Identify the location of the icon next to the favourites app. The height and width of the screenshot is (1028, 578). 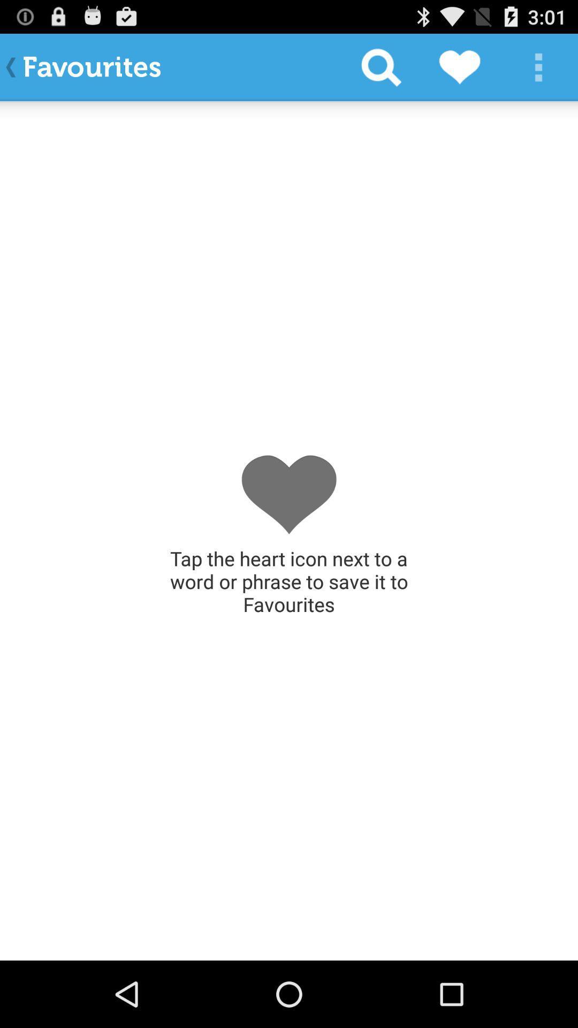
(381, 66).